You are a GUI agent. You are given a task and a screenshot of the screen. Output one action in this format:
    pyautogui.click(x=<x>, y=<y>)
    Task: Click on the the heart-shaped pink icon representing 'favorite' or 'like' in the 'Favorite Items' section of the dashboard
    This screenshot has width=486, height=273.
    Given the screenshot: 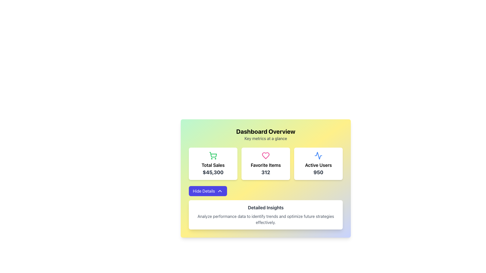 What is the action you would take?
    pyautogui.click(x=266, y=155)
    